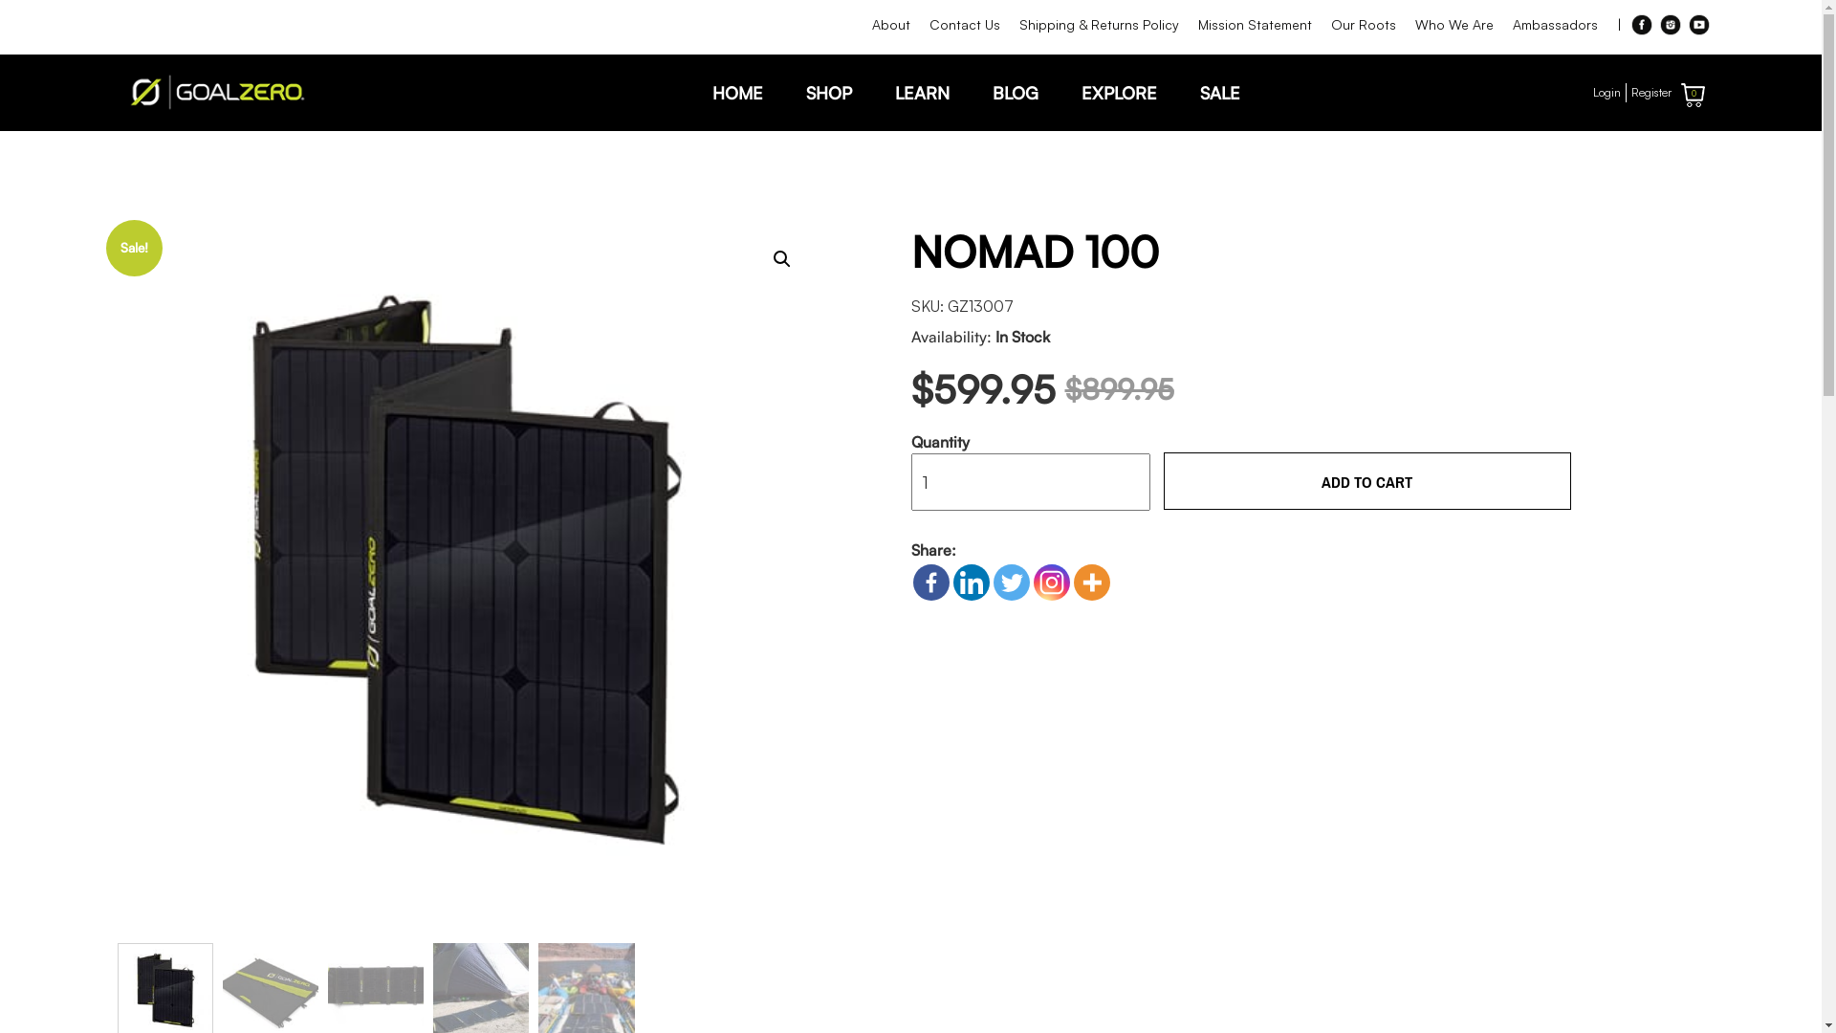 The width and height of the screenshot is (1836, 1033). What do you see at coordinates (1118, 92) in the screenshot?
I see `'EXPLORE'` at bounding box center [1118, 92].